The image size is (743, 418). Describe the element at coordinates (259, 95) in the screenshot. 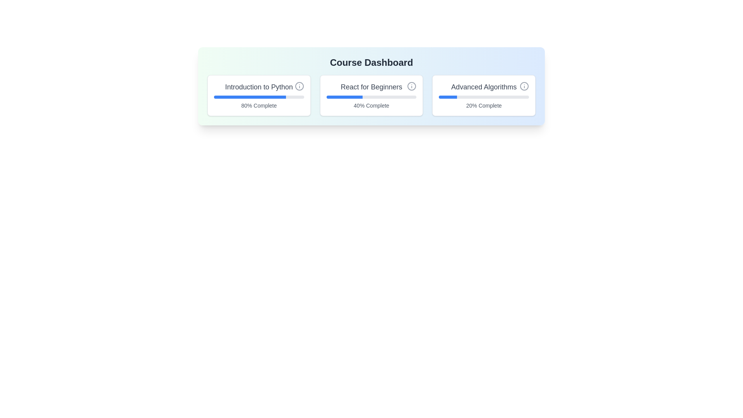

I see `the course card for 'Introduction to Python'` at that location.